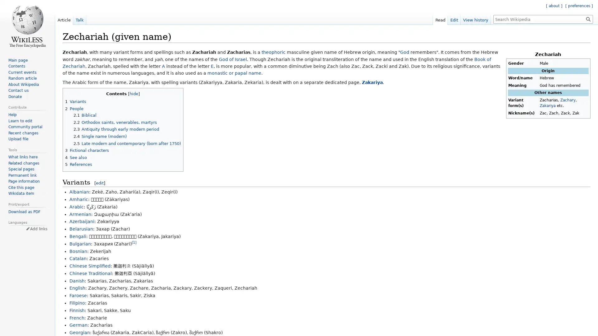  What do you see at coordinates (588, 19) in the screenshot?
I see `Search` at bounding box center [588, 19].